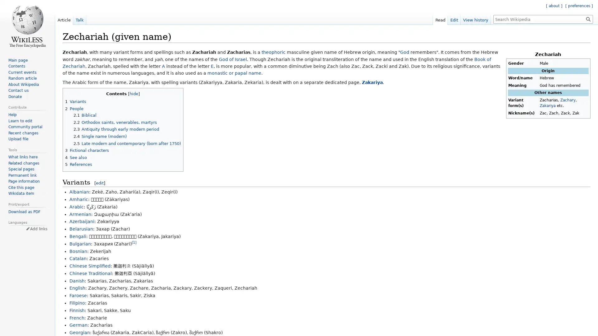  What do you see at coordinates (588, 19) in the screenshot?
I see `Search` at bounding box center [588, 19].